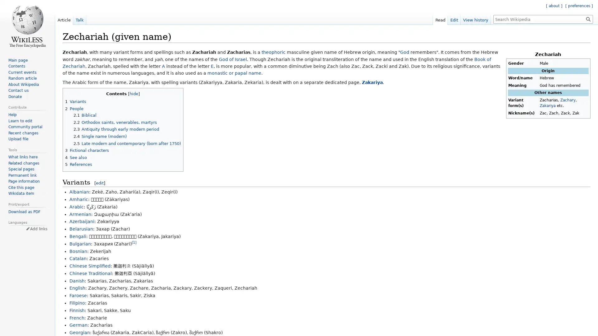  What do you see at coordinates (588, 19) in the screenshot?
I see `Search` at bounding box center [588, 19].